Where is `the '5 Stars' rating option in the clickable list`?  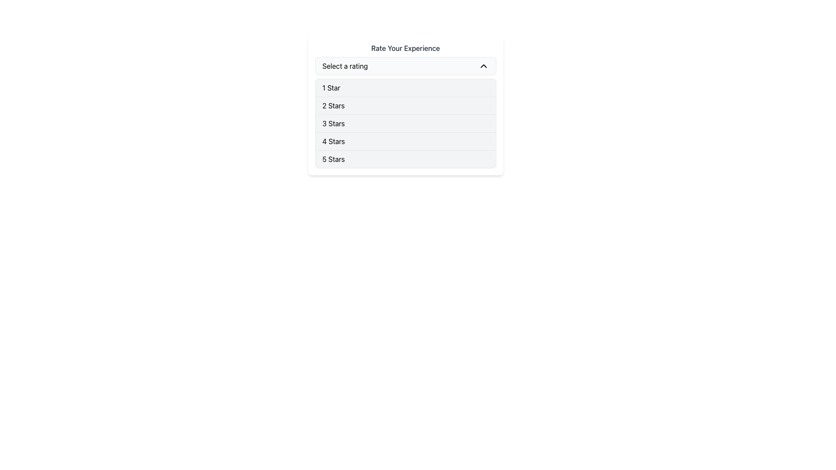 the '5 Stars' rating option in the clickable list is located at coordinates (405, 159).